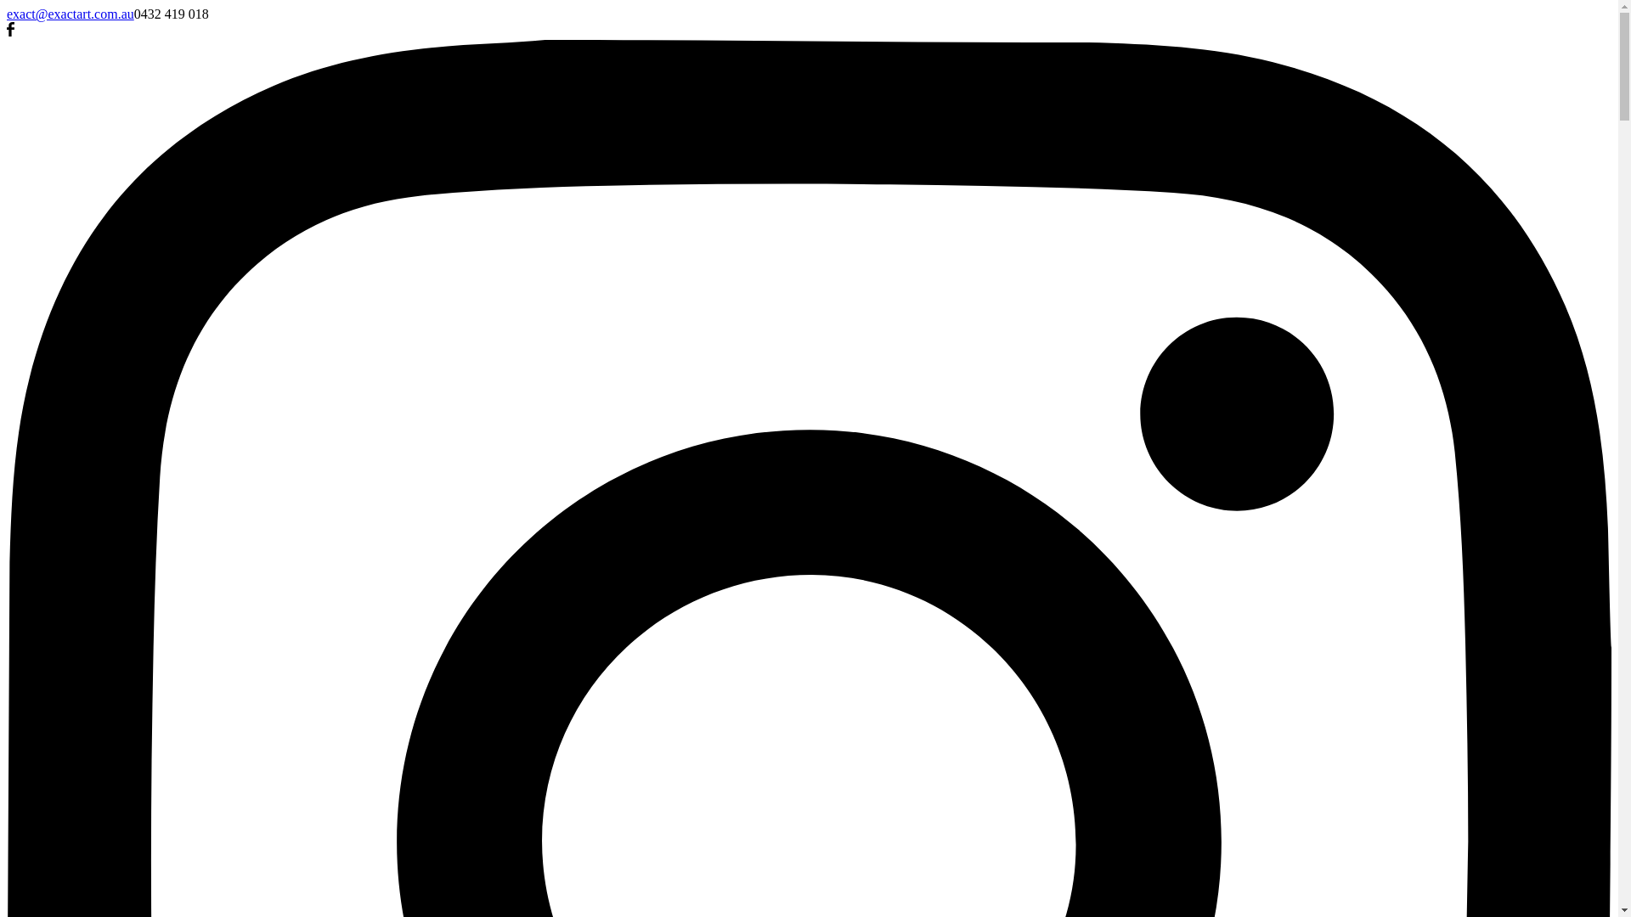 Image resolution: width=1631 pixels, height=917 pixels. What do you see at coordinates (7, 14) in the screenshot?
I see `'exact@exactart.com.au'` at bounding box center [7, 14].